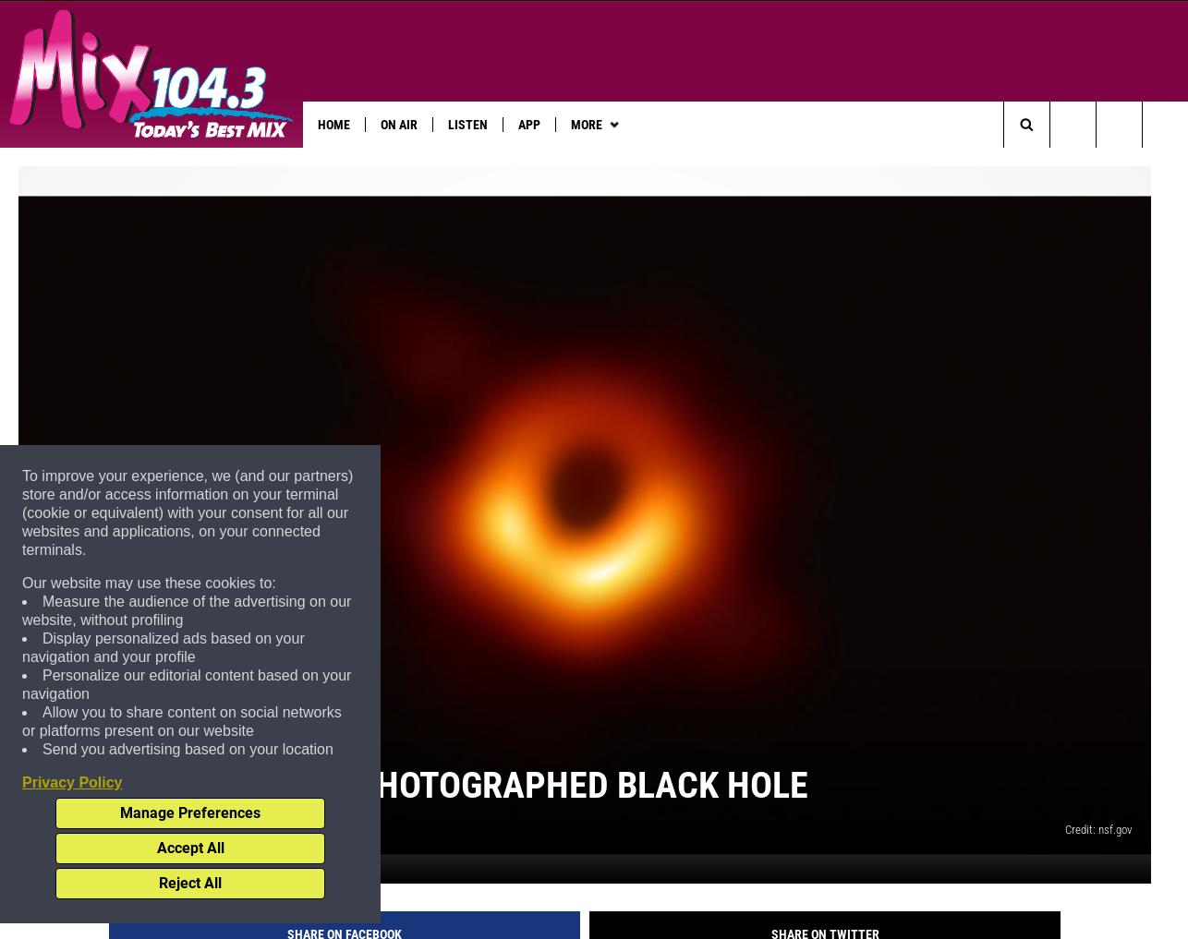 The image size is (1188, 939). What do you see at coordinates (358, 163) in the screenshot?
I see `'Download the Mix App'` at bounding box center [358, 163].